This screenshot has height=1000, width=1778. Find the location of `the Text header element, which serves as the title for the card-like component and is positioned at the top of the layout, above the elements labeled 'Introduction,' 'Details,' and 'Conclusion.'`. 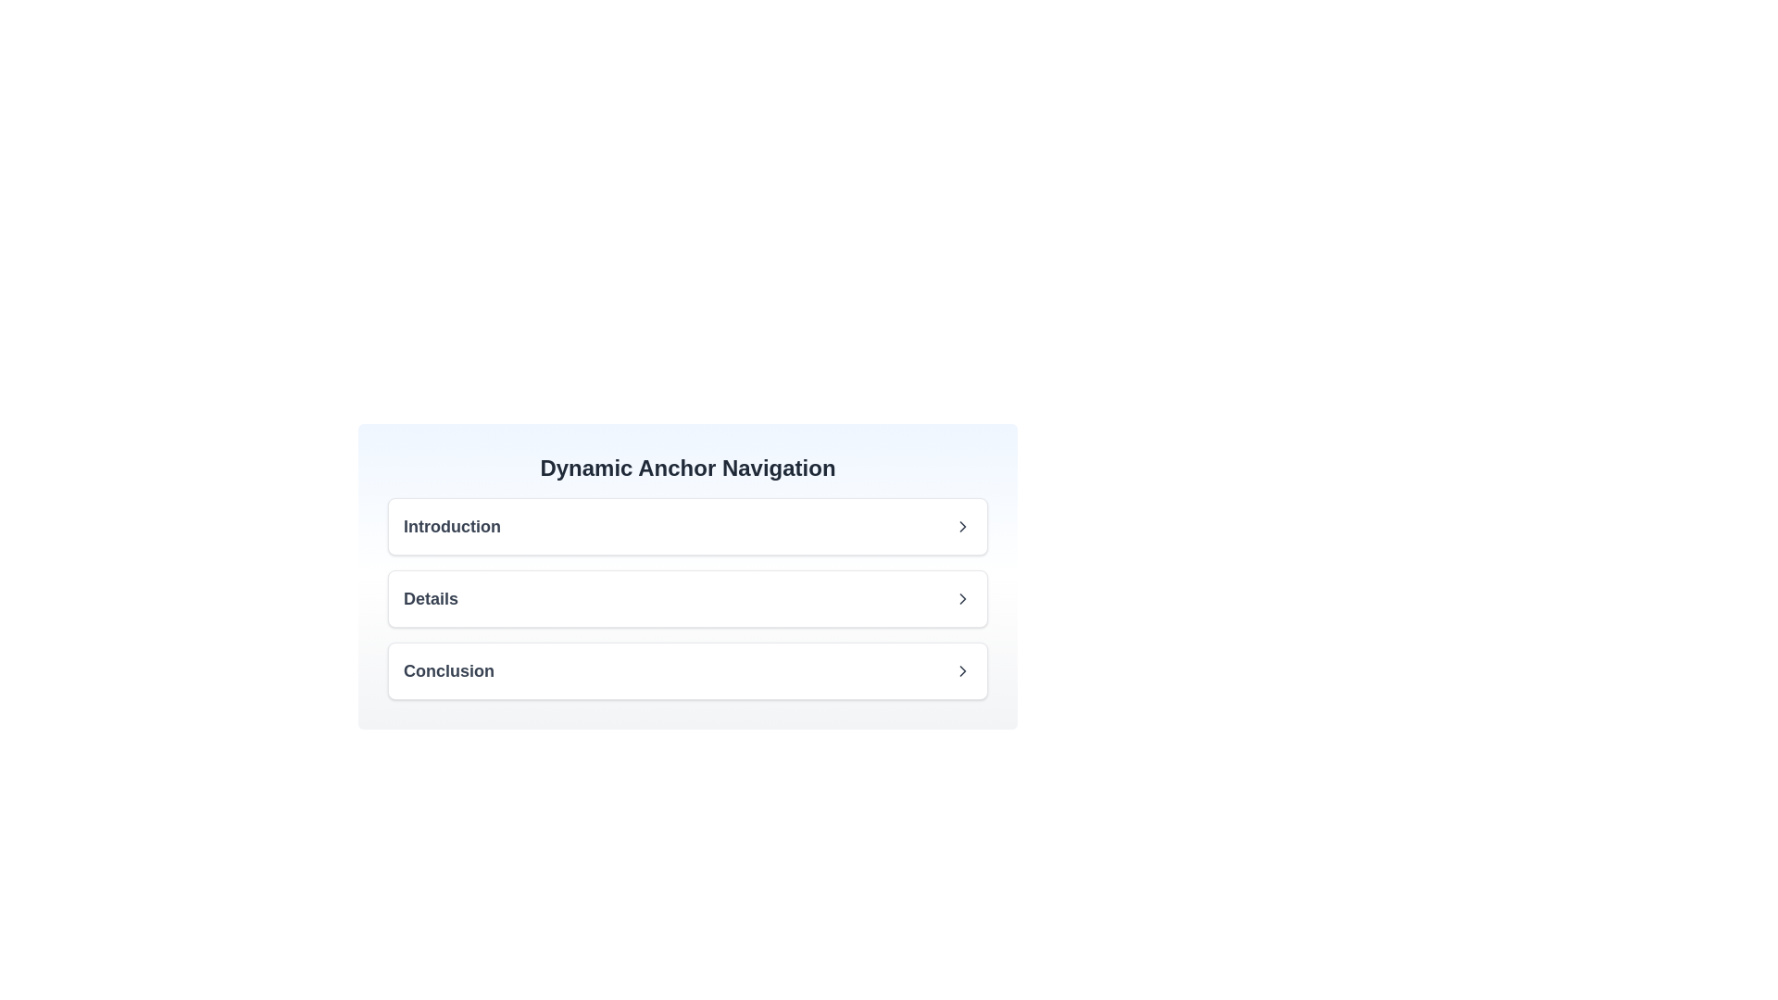

the Text header element, which serves as the title for the card-like component and is positioned at the top of the layout, above the elements labeled 'Introduction,' 'Details,' and 'Conclusion.' is located at coordinates (687, 467).